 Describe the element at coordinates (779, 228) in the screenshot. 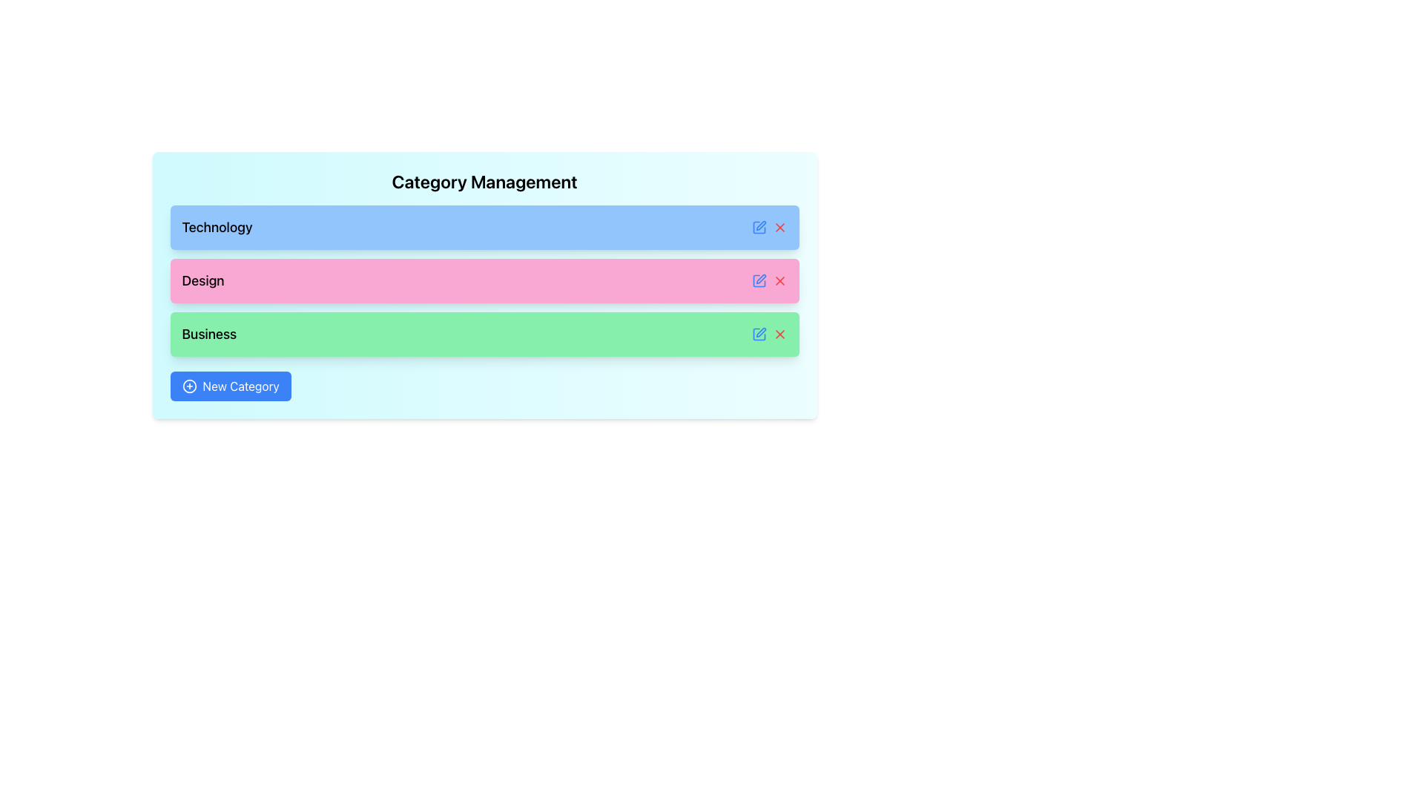

I see `the red 'X' icon button located on the far right of the blue 'Technology' category row` at that location.